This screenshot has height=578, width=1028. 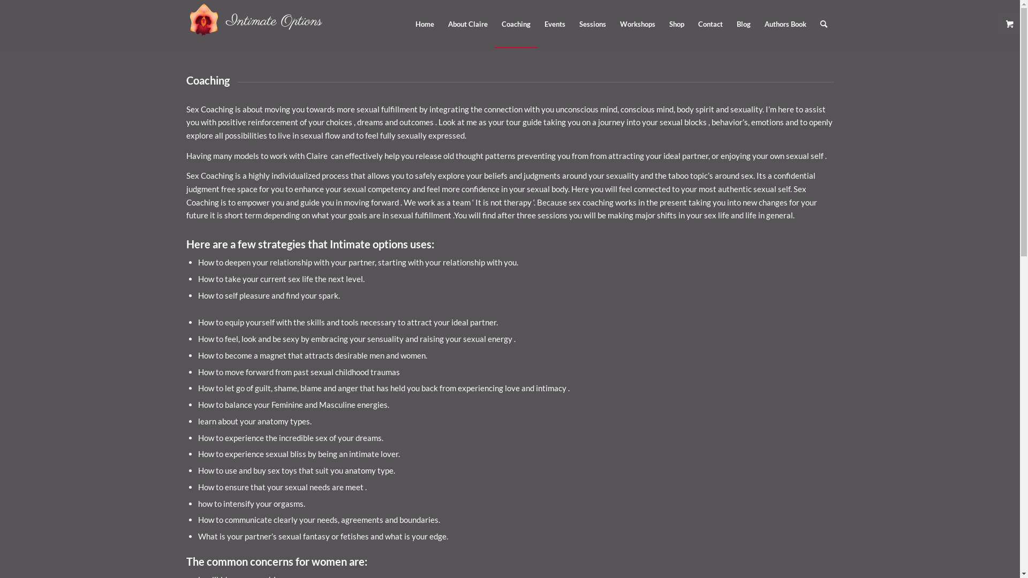 What do you see at coordinates (742, 24) in the screenshot?
I see `'Blog'` at bounding box center [742, 24].